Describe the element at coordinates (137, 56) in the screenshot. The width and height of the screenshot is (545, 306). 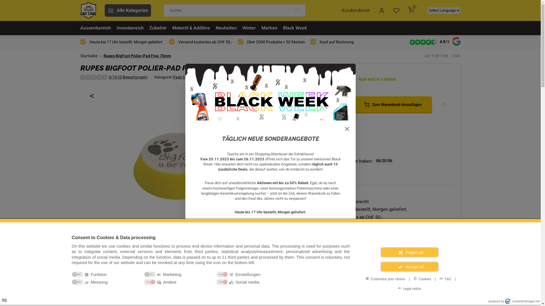
I see `'Rupes BigFoot Polier-Pad Fine 70mm'` at that location.